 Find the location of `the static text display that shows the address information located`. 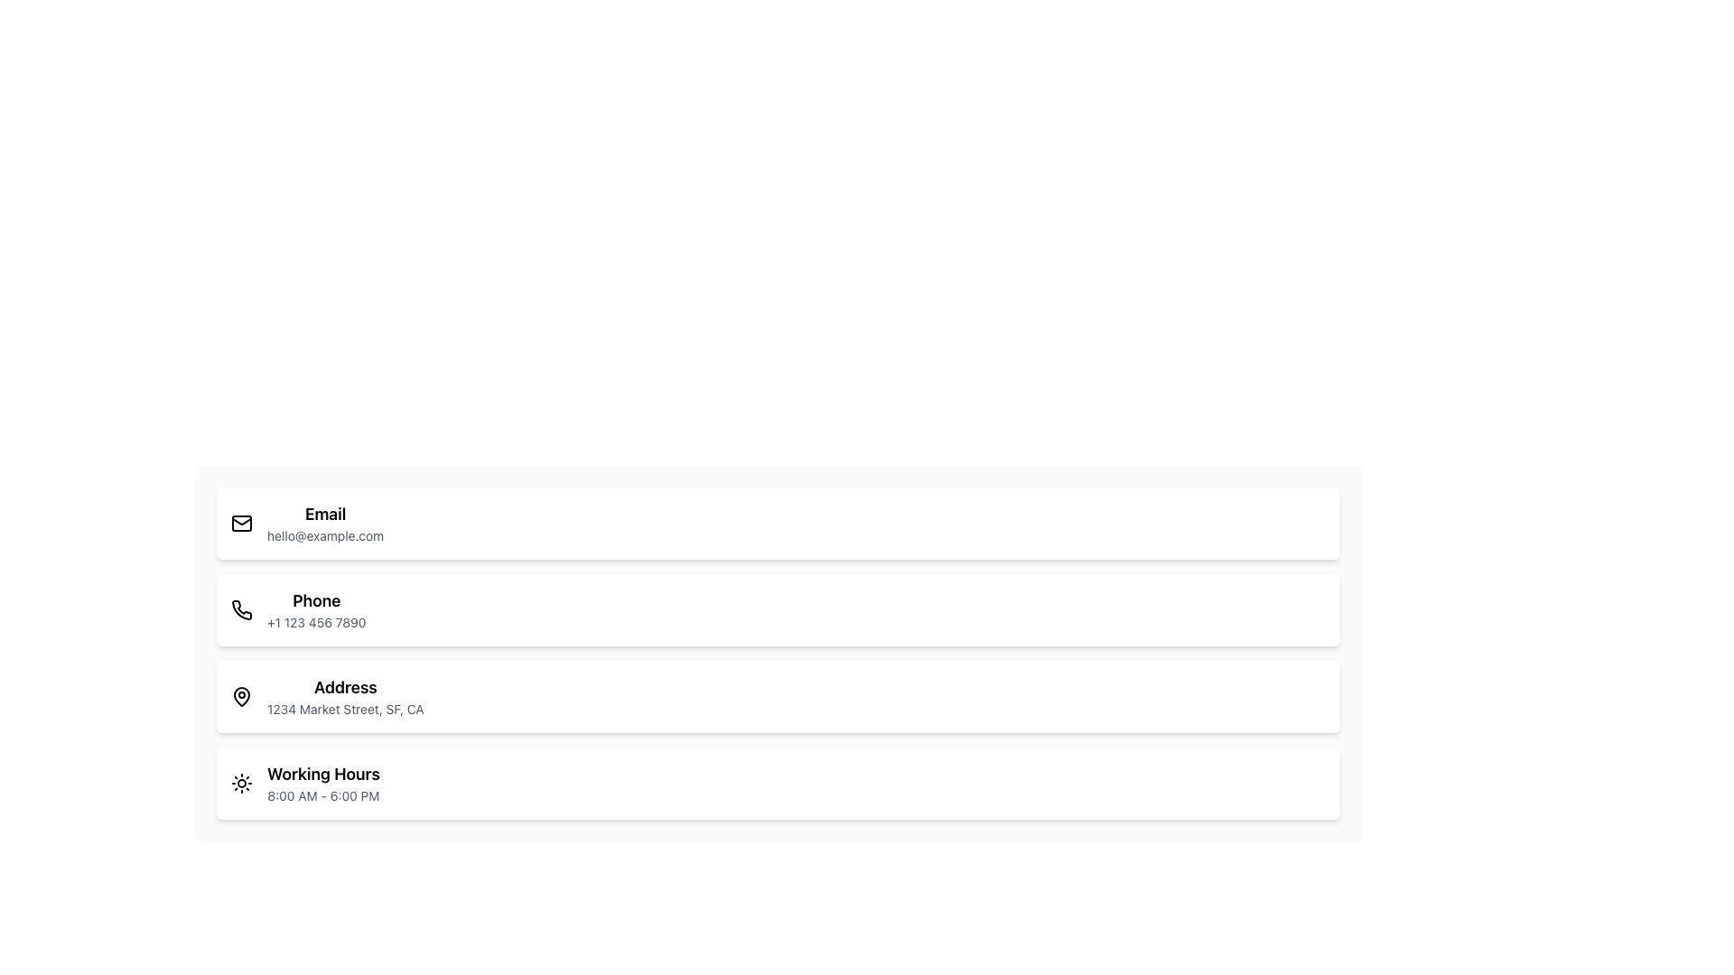

the static text display that shows the address information located is located at coordinates (345, 709).